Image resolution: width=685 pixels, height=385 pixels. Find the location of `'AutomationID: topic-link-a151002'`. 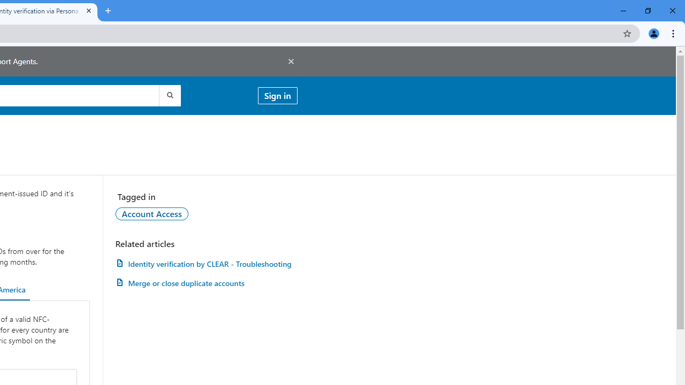

'AutomationID: topic-link-a151002' is located at coordinates (151, 213).